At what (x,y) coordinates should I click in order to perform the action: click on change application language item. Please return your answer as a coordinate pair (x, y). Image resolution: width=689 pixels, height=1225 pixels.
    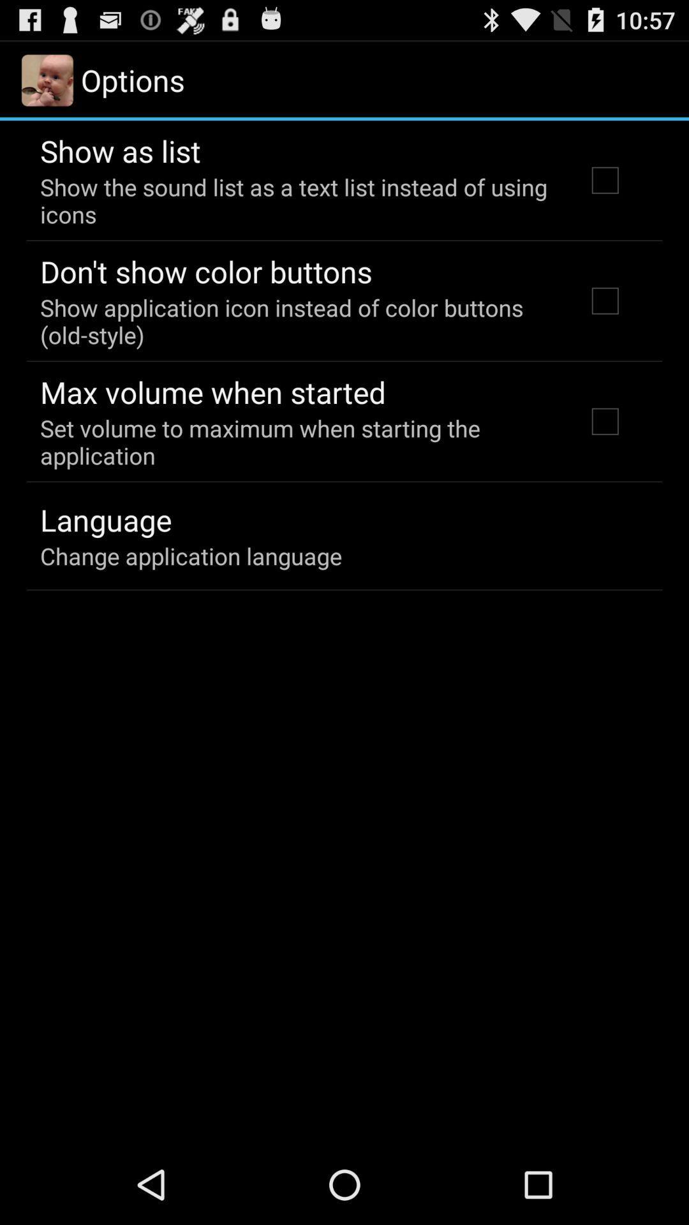
    Looking at the image, I should click on (191, 556).